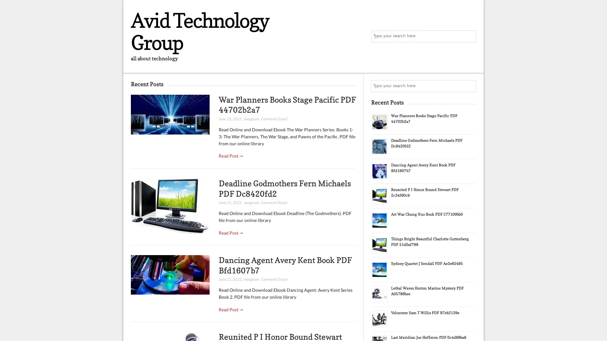 This screenshot has height=341, width=607. I want to click on Search, so click(469, 36).